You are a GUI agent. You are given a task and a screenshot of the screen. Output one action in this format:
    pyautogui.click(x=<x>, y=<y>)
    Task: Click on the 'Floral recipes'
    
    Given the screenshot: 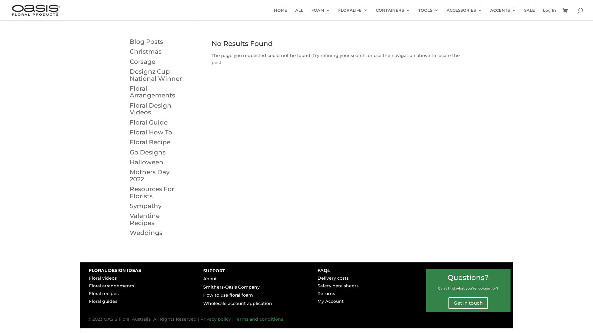 What is the action you would take?
    pyautogui.click(x=104, y=293)
    